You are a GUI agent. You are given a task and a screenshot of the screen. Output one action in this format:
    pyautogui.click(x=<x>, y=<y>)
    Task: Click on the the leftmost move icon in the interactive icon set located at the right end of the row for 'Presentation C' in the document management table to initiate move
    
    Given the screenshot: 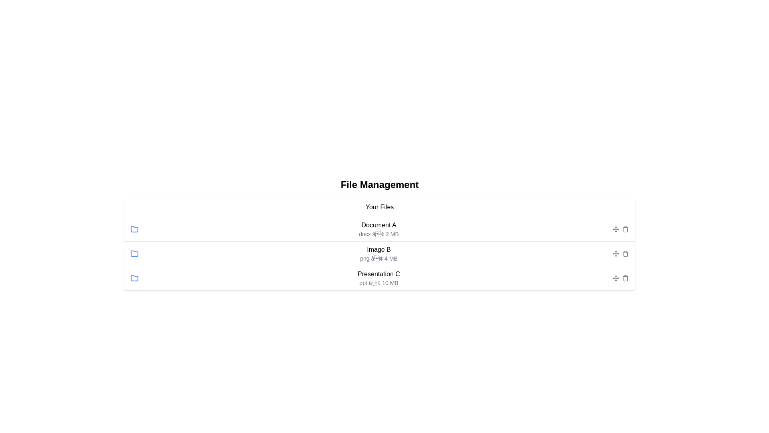 What is the action you would take?
    pyautogui.click(x=615, y=278)
    